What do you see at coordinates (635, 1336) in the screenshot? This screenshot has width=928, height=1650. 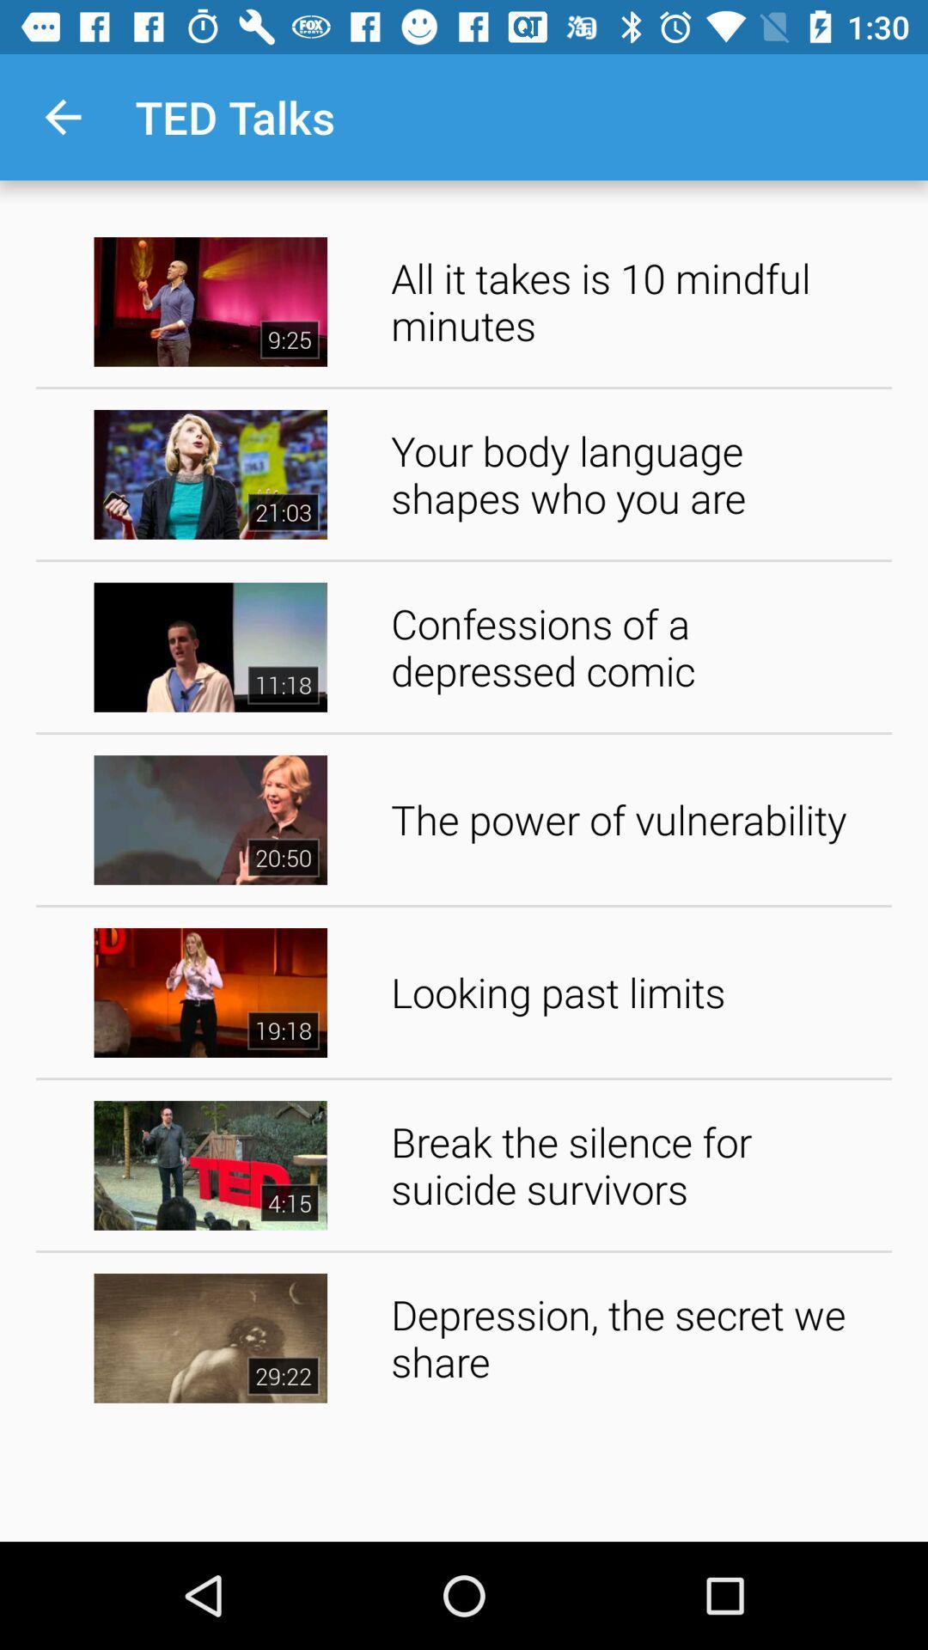 I see `the depression the secret icon` at bounding box center [635, 1336].